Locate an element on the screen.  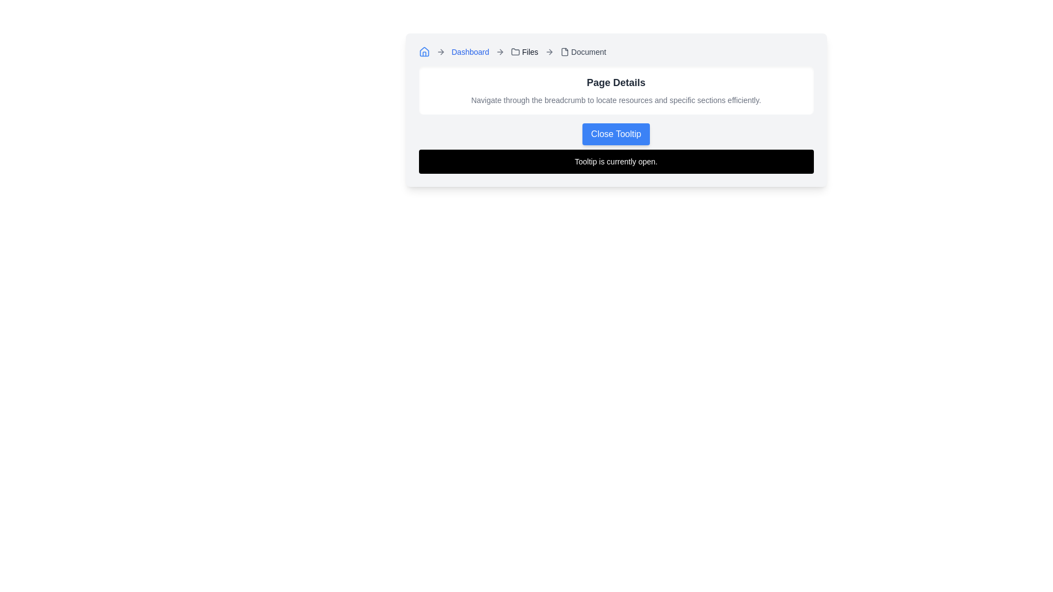
the arrow icon in the breadcrumb navigation bar, located at the top-left side of the interface, which indicates navigation between hierarchical levels is located at coordinates (501, 52).